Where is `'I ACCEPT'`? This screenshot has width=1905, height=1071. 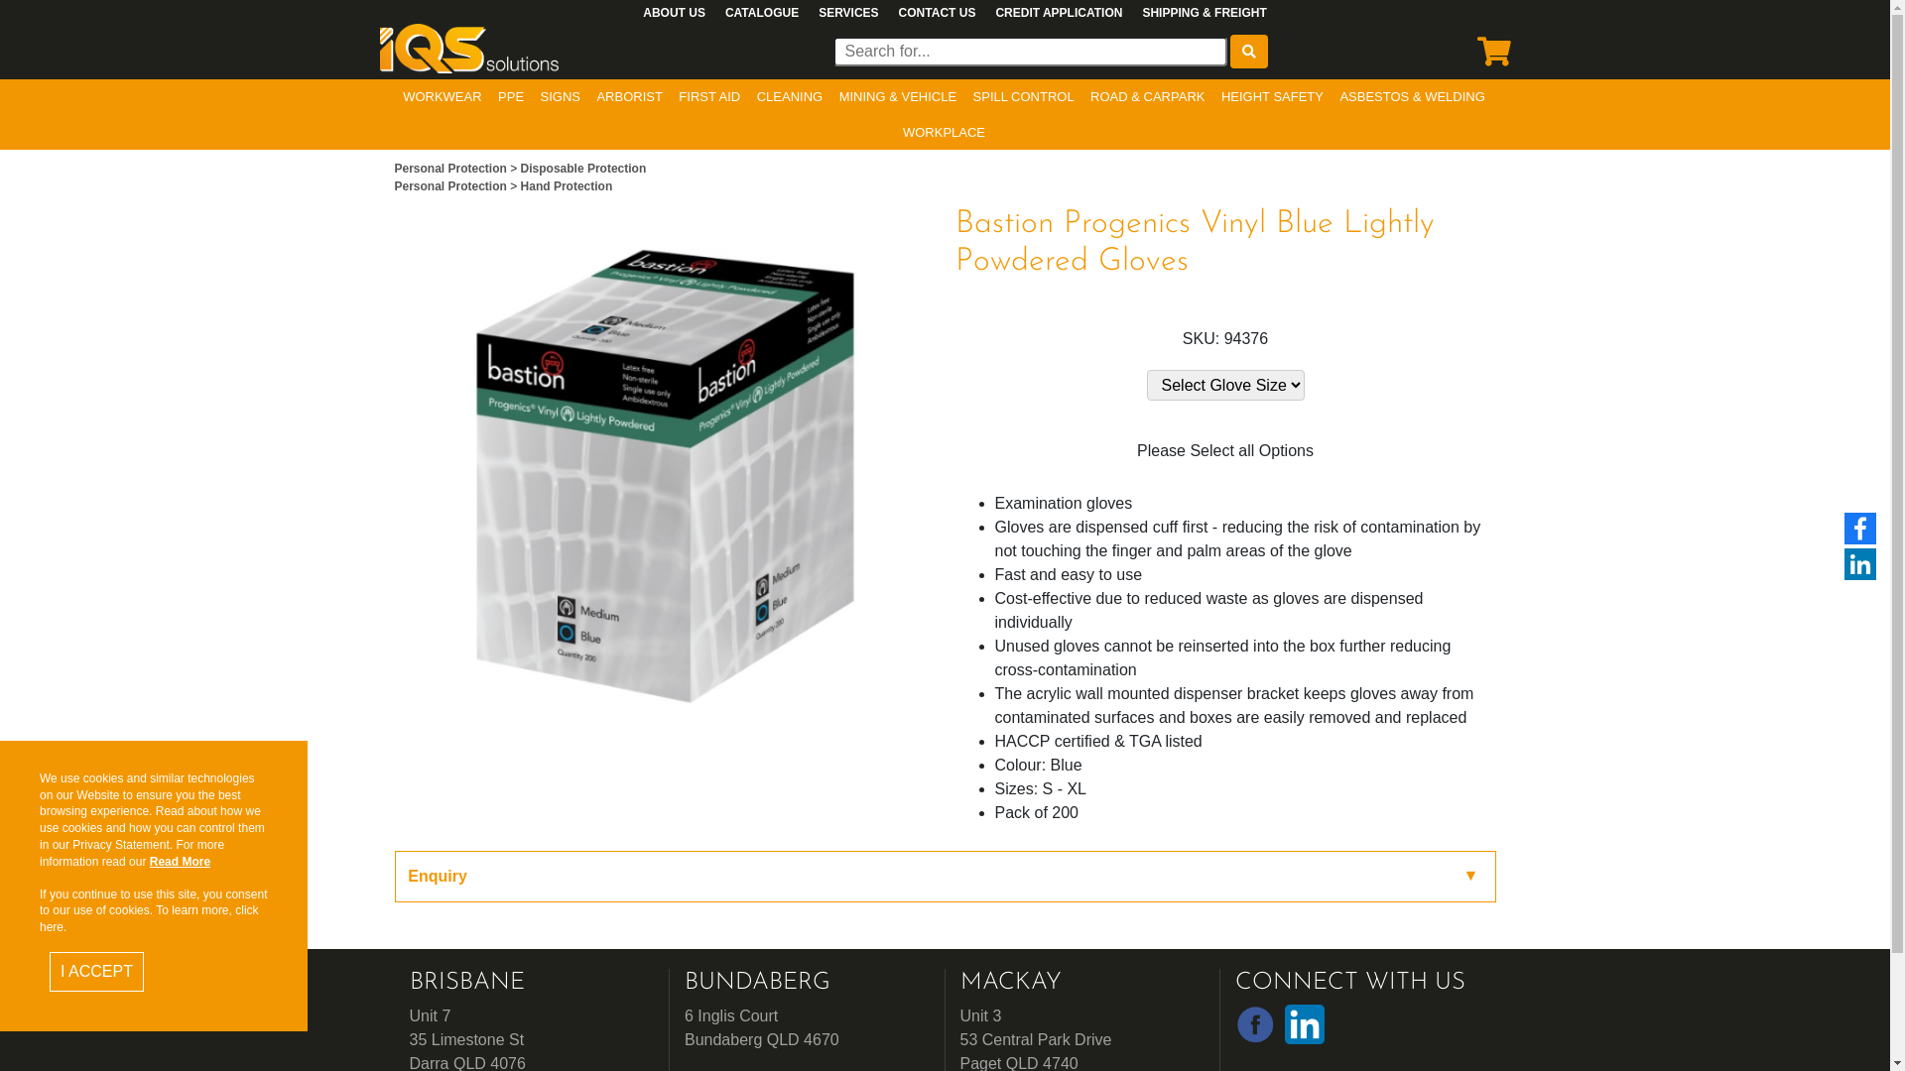
'I ACCEPT' is located at coordinates (95, 970).